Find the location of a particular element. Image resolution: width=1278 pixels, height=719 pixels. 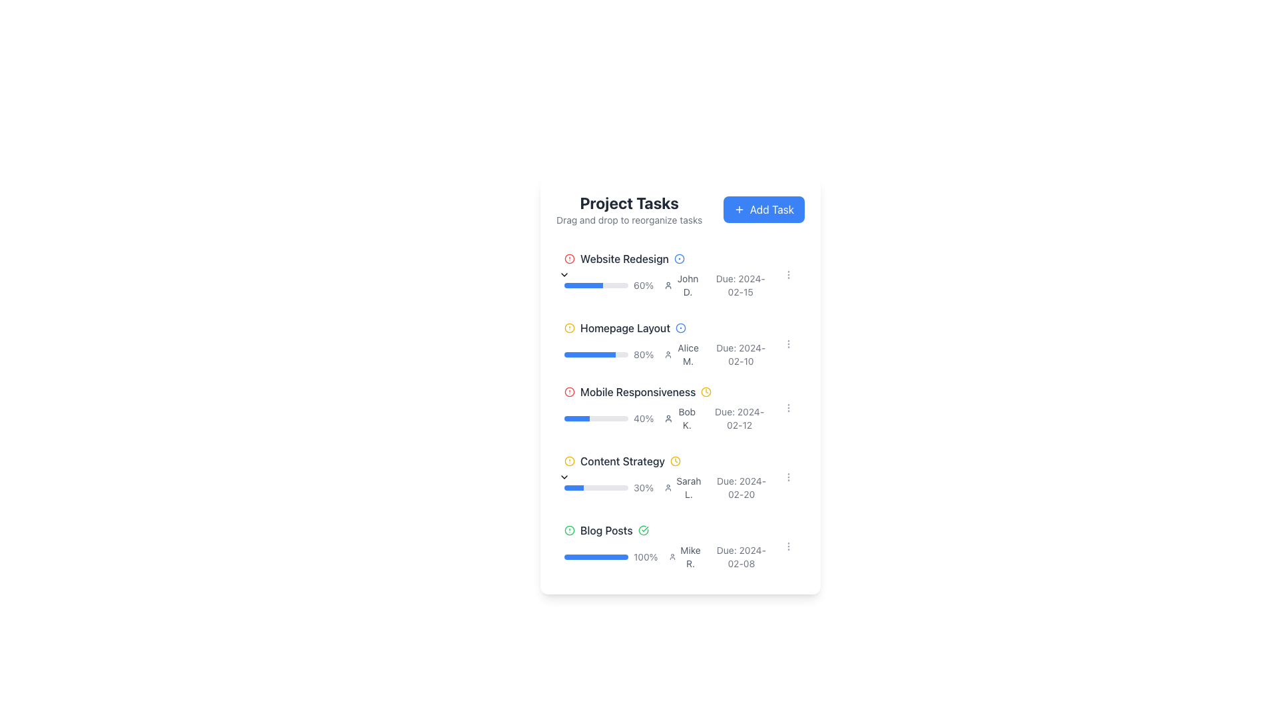

text 'Mike R.' located next to the user profile icon in the 'Blog Posts' task row is located at coordinates (685, 557).